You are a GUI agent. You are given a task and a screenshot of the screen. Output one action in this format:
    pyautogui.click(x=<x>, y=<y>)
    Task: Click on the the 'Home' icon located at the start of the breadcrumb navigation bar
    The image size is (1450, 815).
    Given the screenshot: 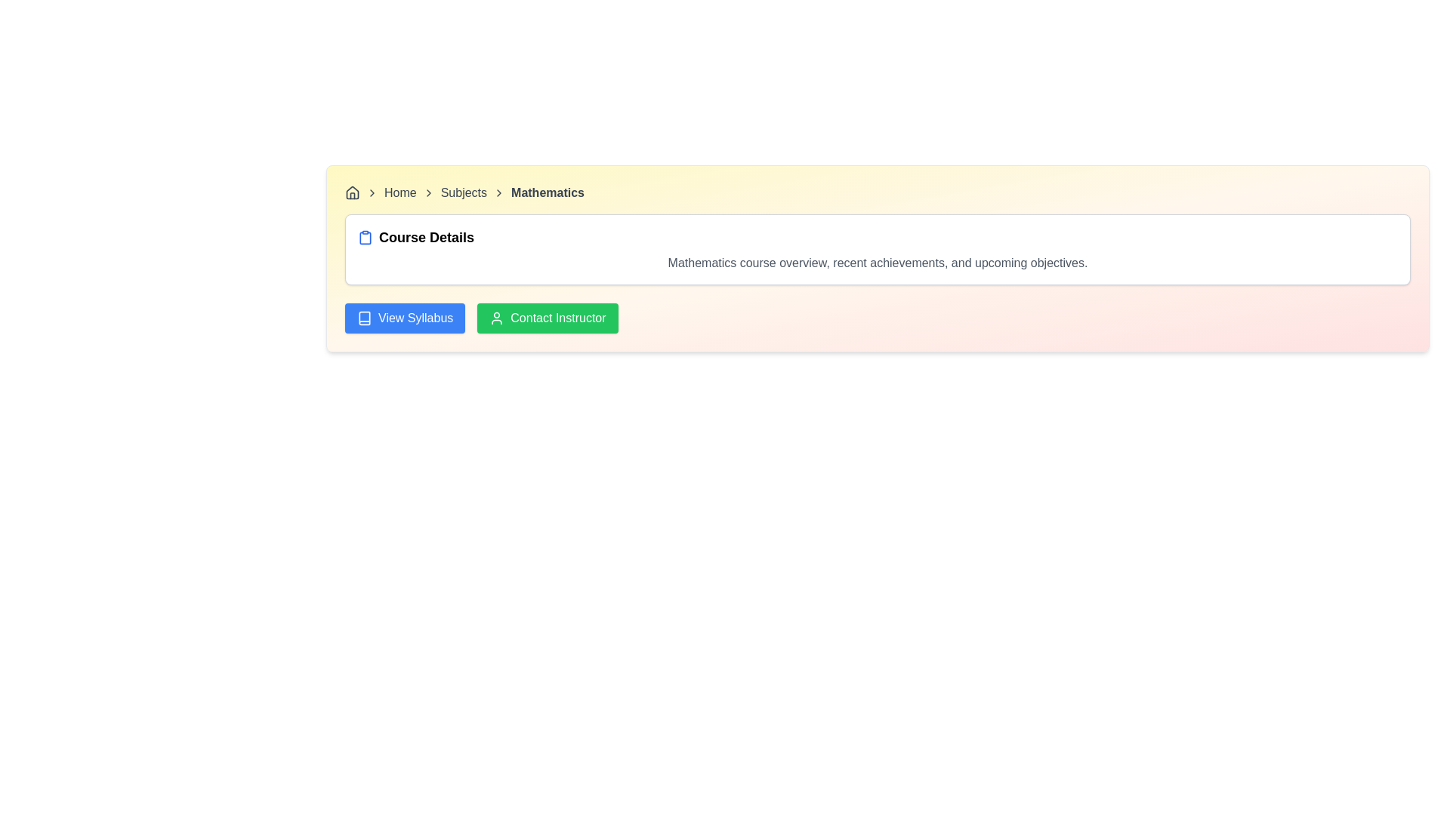 What is the action you would take?
    pyautogui.click(x=351, y=191)
    